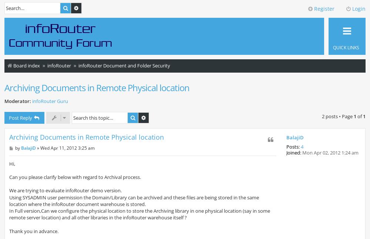 The image size is (370, 239). I want to click on 'of', so click(359, 116).